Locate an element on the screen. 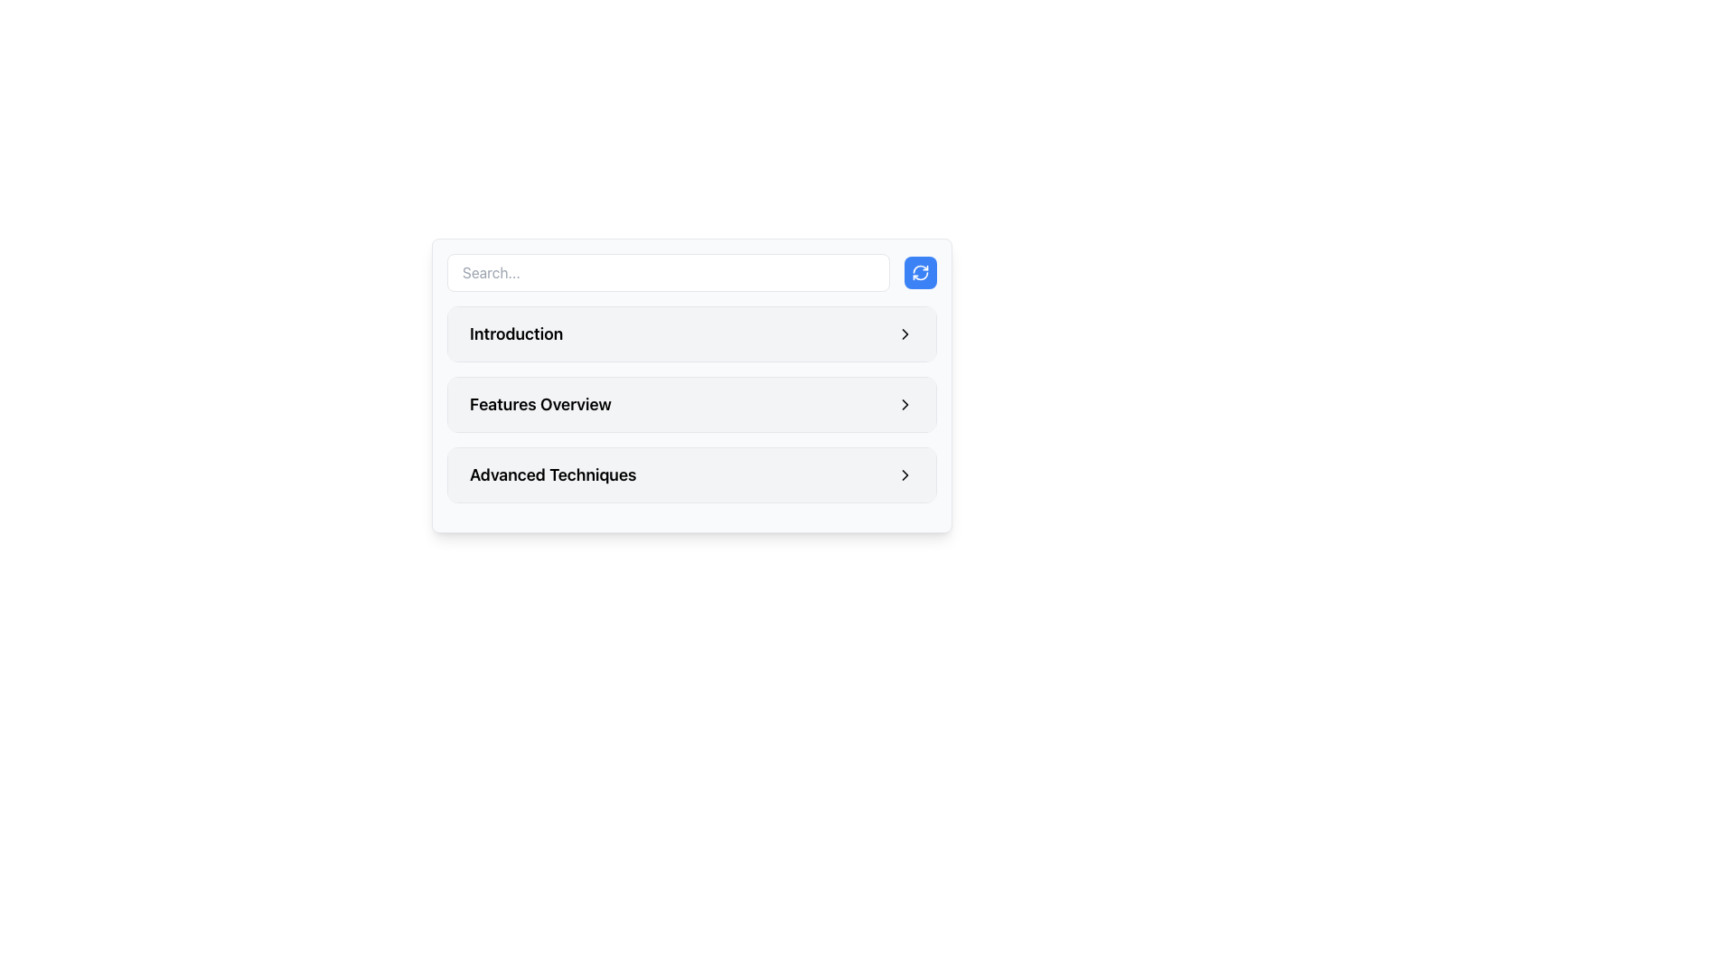 The image size is (1735, 976). the 'Features Overview' text label located in the sidebar is located at coordinates (539, 403).